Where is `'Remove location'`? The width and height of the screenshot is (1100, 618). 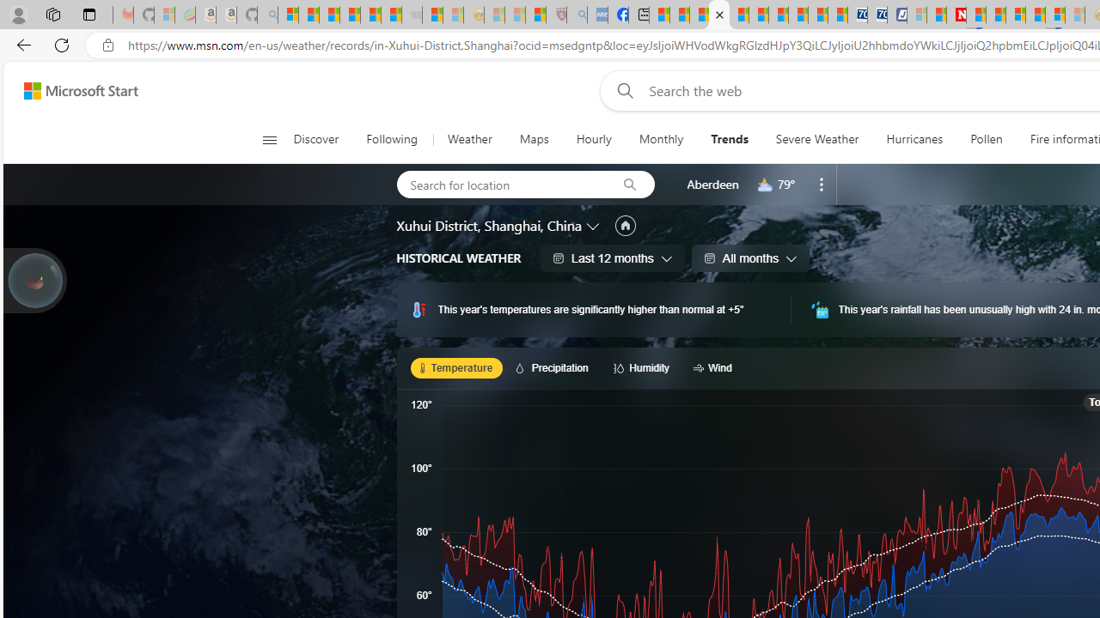 'Remove location' is located at coordinates (821, 184).